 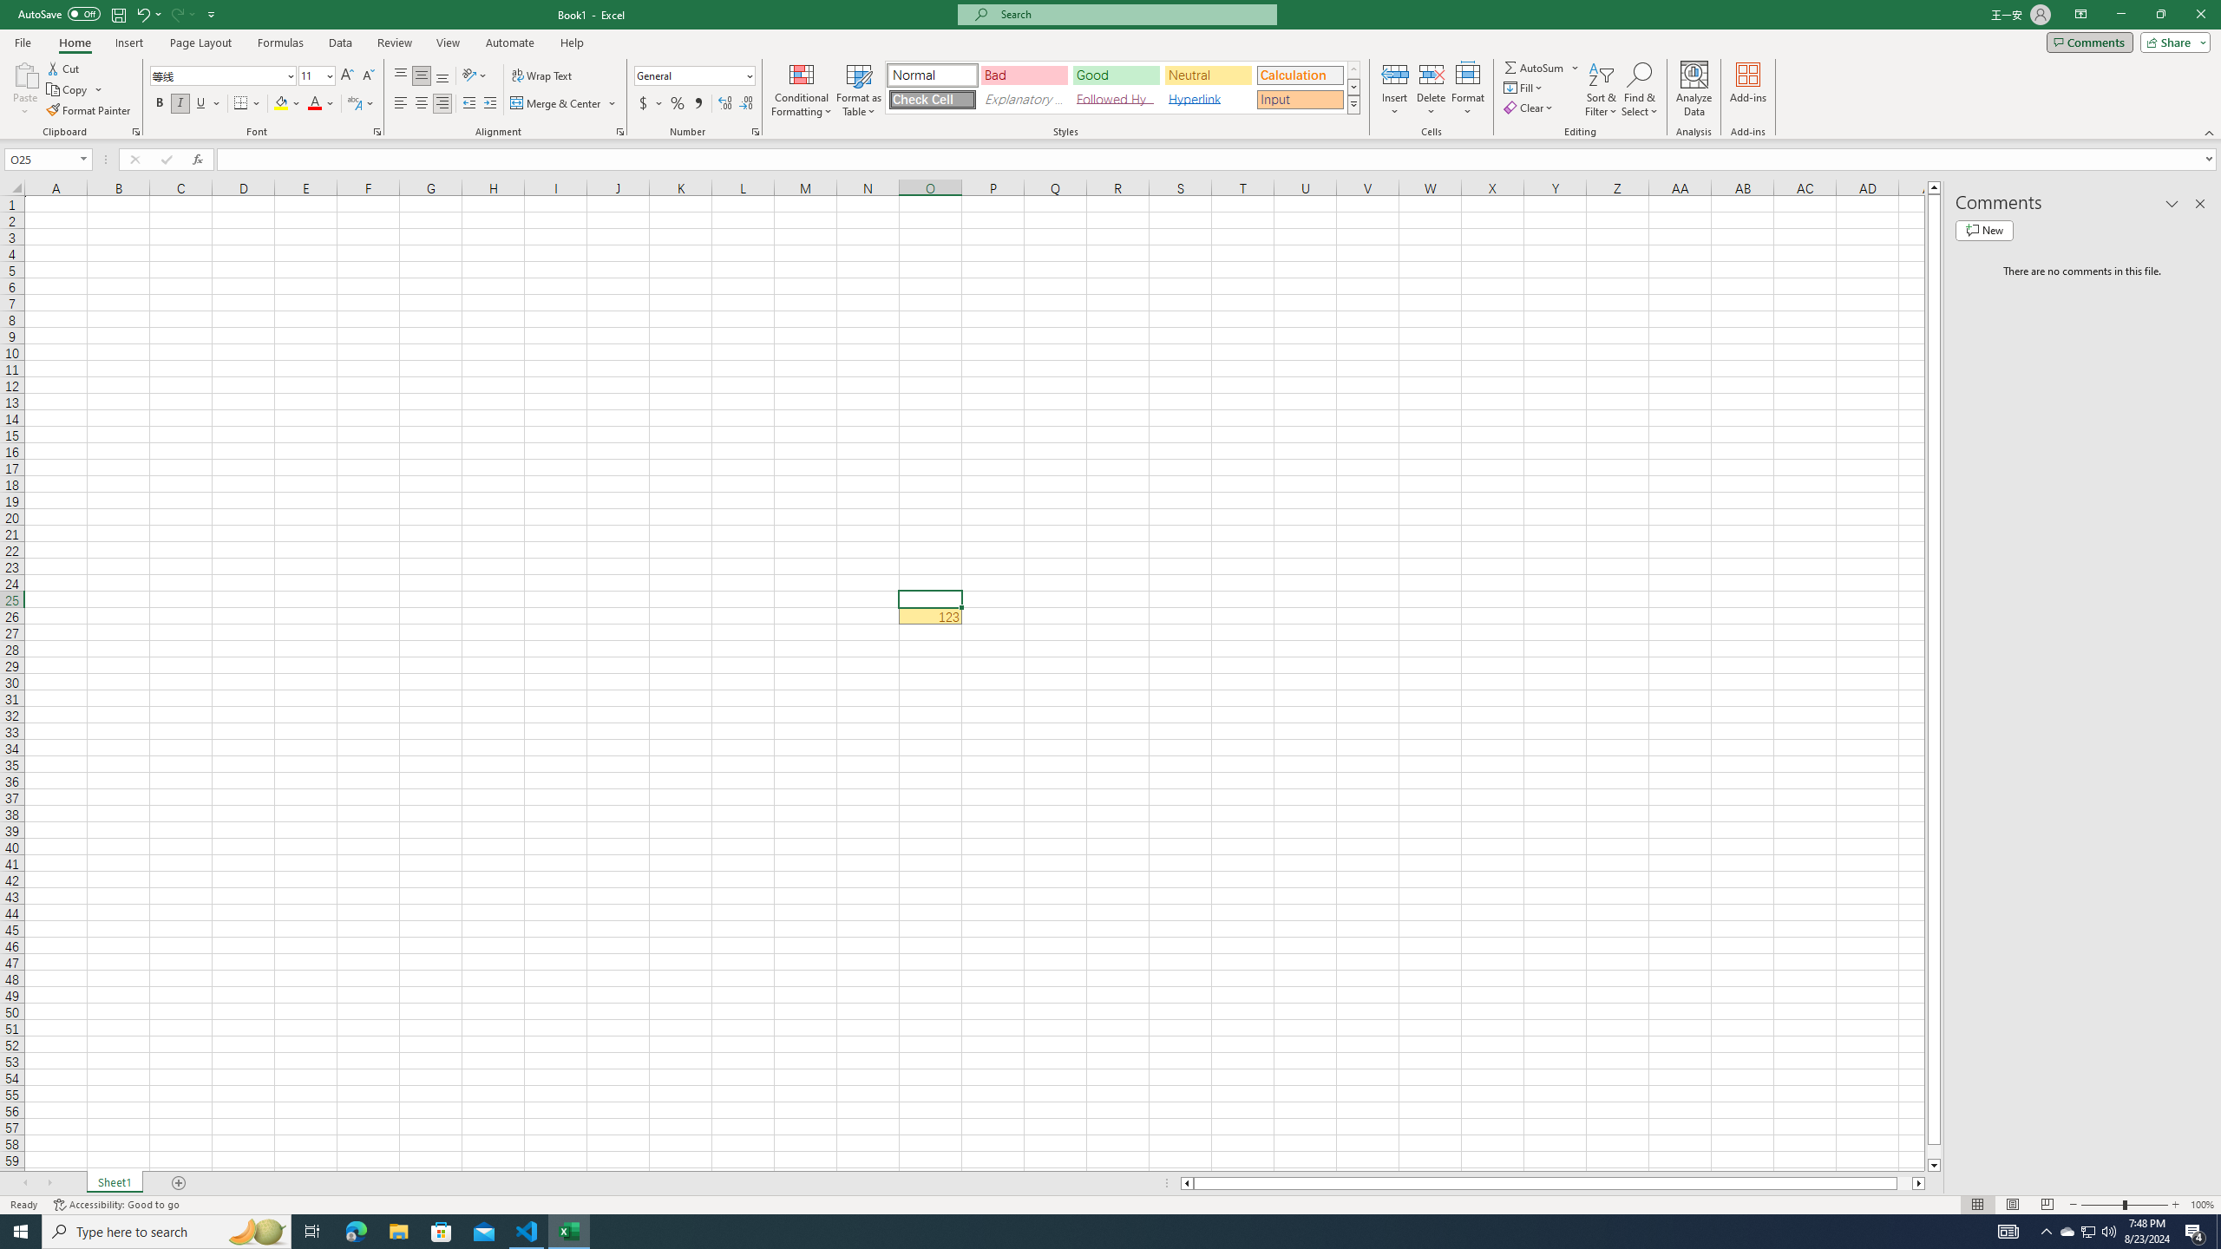 I want to click on 'Font Color RGB(255, 0, 0)', so click(x=314, y=102).